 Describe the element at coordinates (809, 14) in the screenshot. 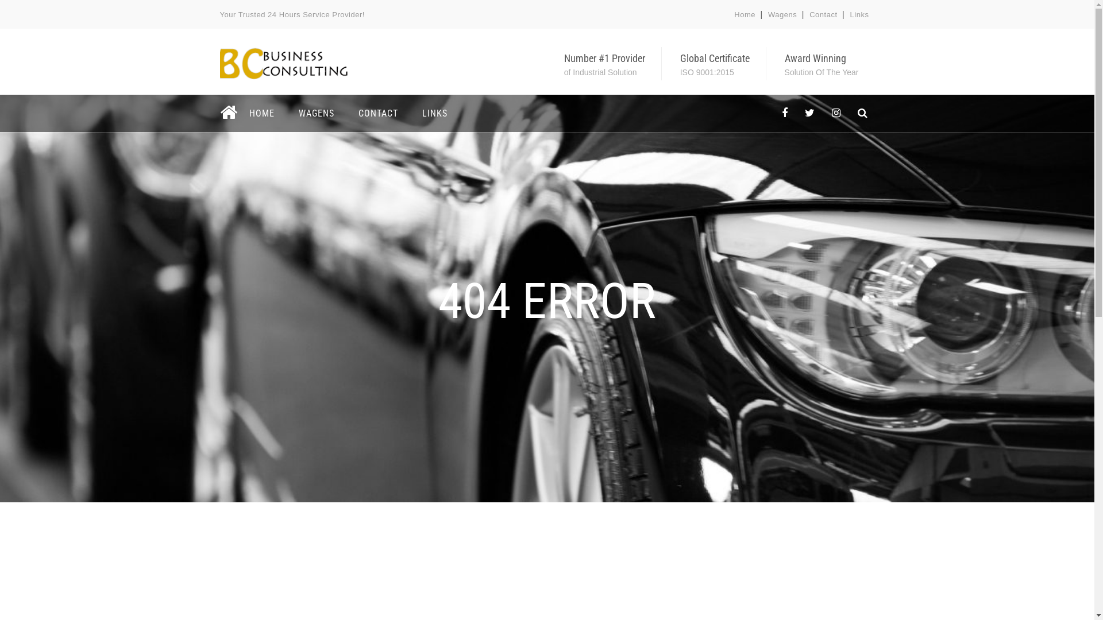

I see `'Contact'` at that location.